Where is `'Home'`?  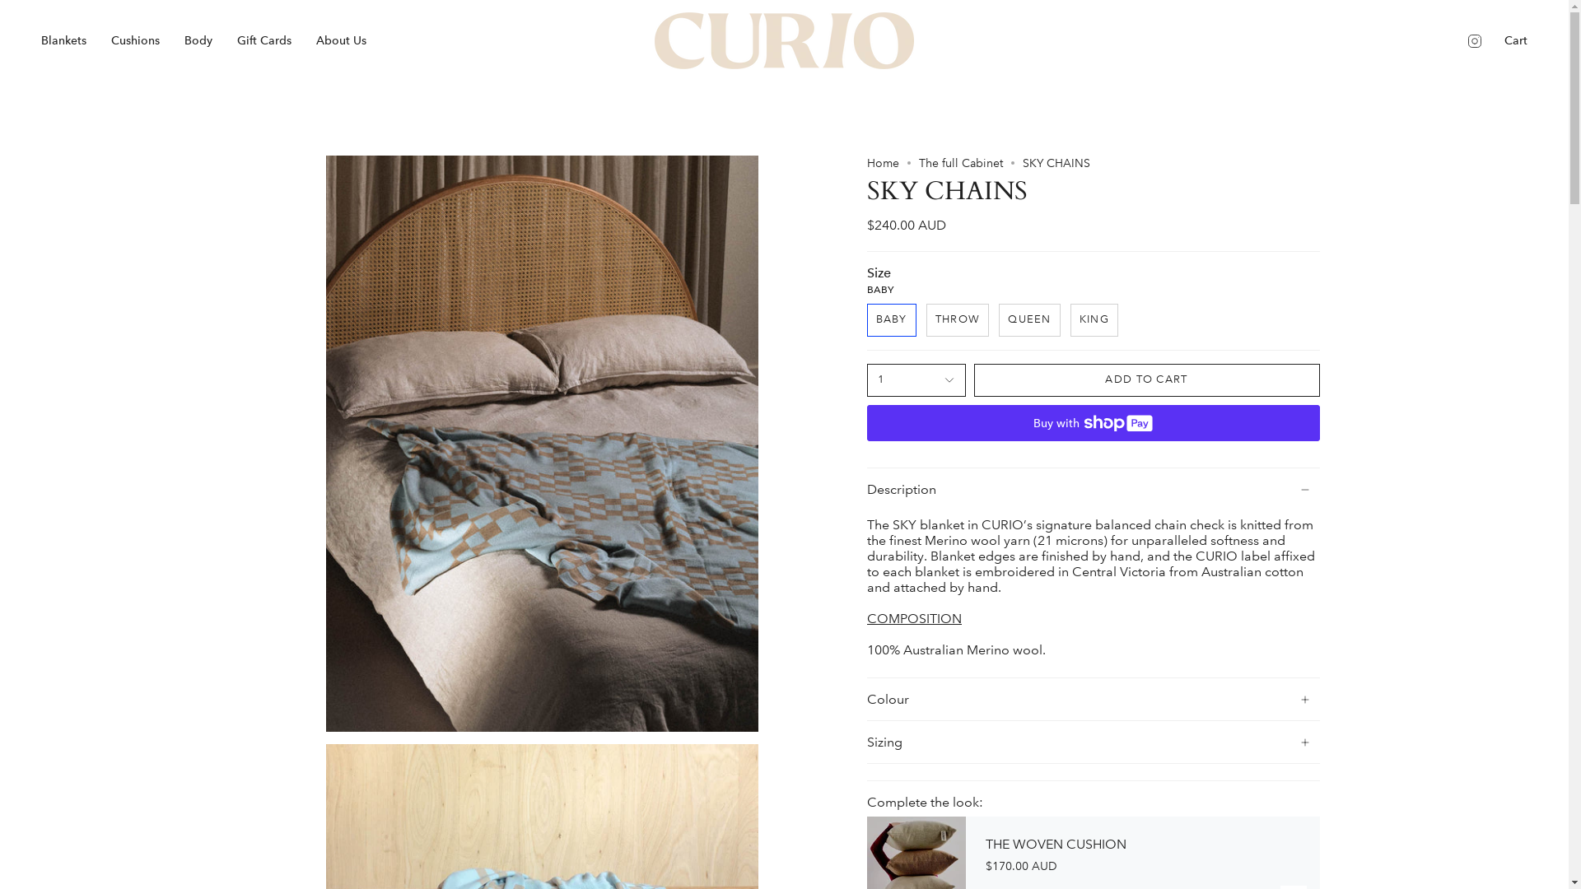
'Home' is located at coordinates (881, 162).